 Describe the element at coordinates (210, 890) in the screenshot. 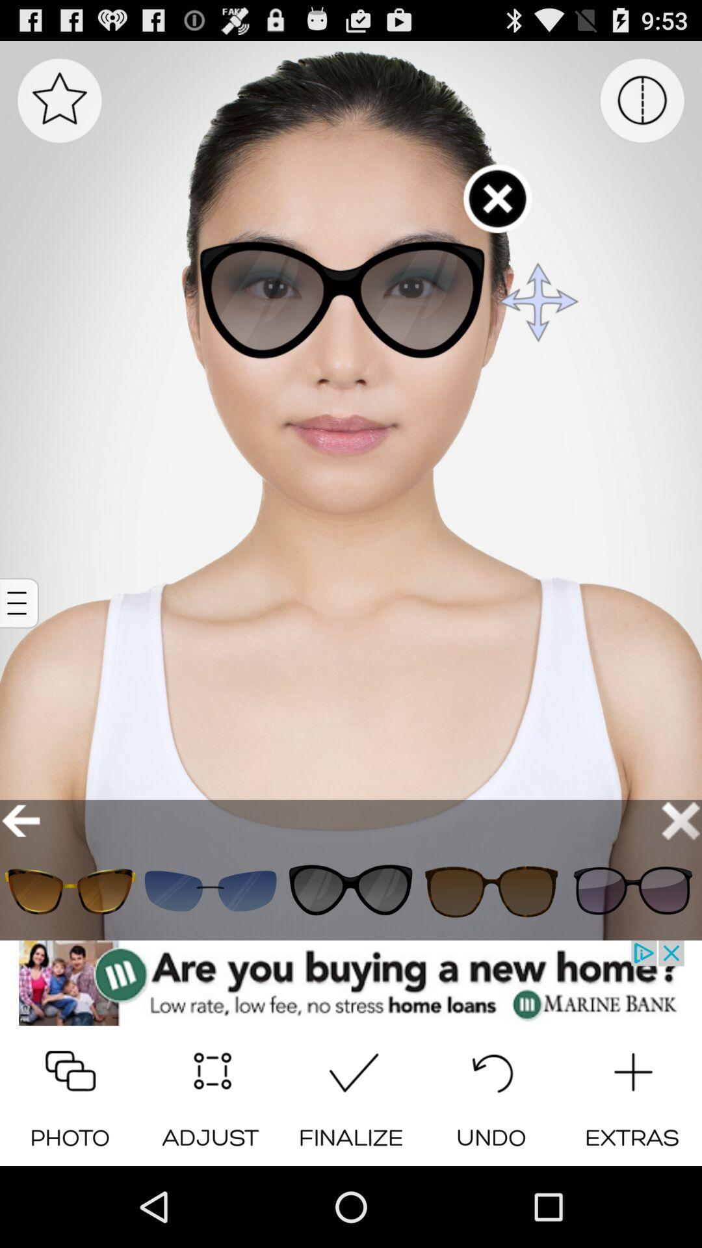

I see `item` at that location.